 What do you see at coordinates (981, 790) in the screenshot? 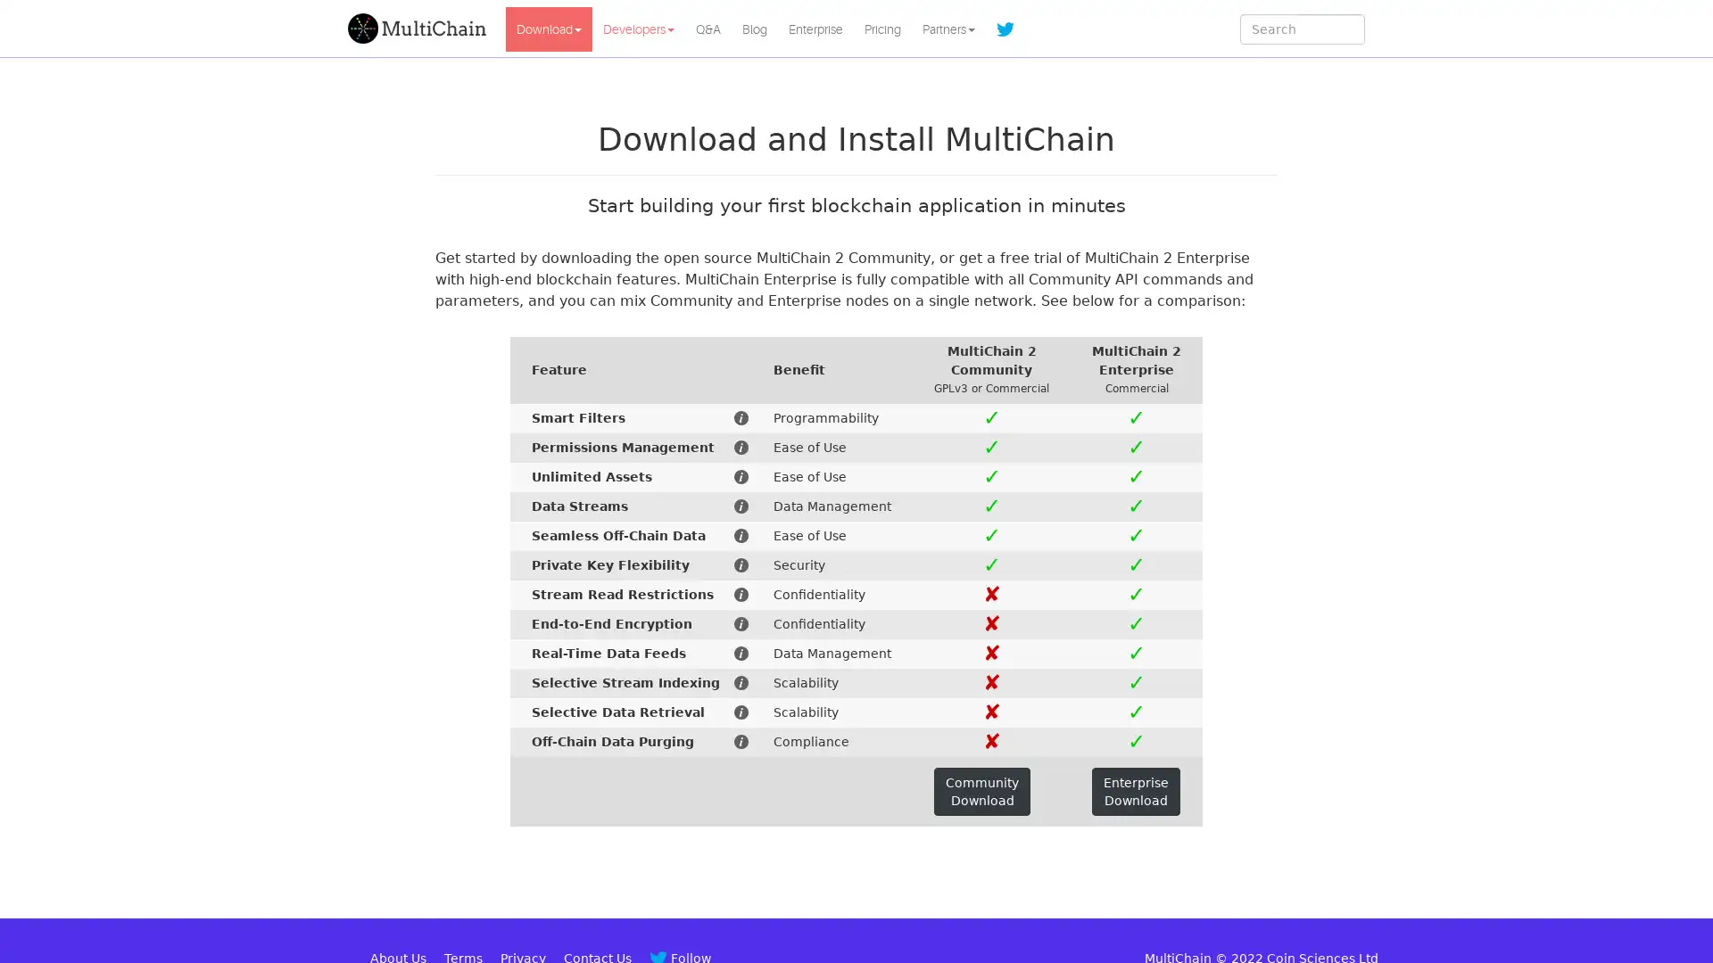
I see `Community Download` at bounding box center [981, 790].